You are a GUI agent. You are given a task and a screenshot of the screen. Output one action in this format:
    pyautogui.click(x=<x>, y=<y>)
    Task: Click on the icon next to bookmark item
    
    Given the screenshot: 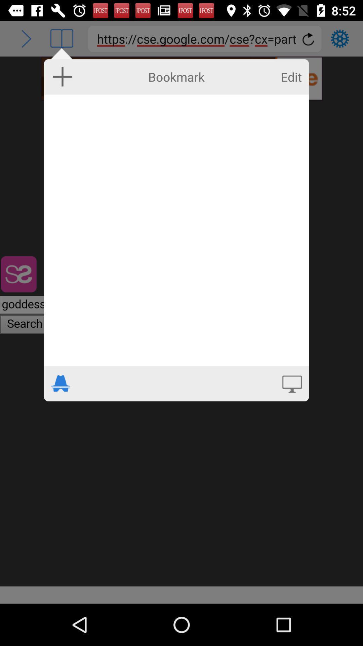 What is the action you would take?
    pyautogui.click(x=63, y=76)
    